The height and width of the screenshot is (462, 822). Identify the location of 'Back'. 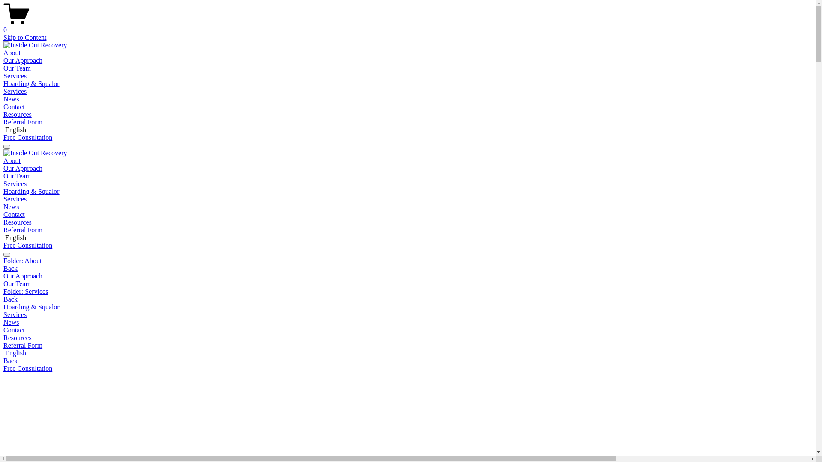
(10, 268).